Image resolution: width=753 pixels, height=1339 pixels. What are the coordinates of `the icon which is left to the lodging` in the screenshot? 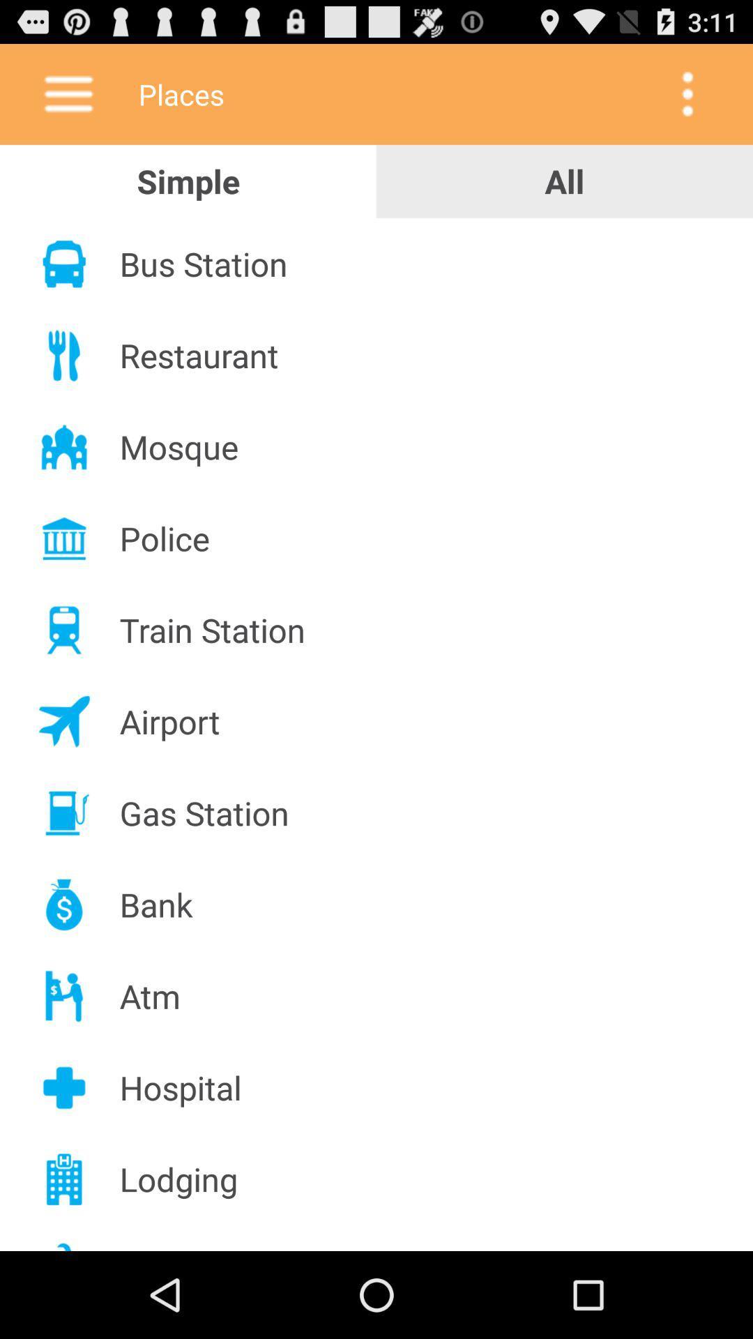 It's located at (64, 1179).